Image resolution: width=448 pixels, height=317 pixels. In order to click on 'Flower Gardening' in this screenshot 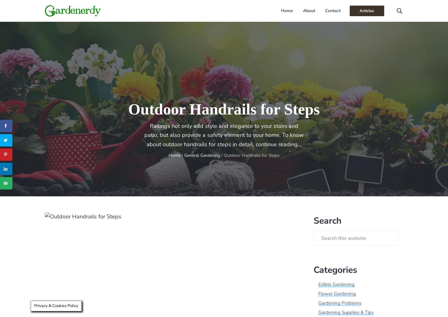, I will do `click(337, 293)`.